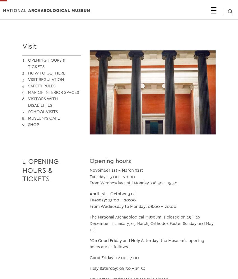 Image resolution: width=238 pixels, height=279 pixels. What do you see at coordinates (33, 124) in the screenshot?
I see `'SHOP'` at bounding box center [33, 124].